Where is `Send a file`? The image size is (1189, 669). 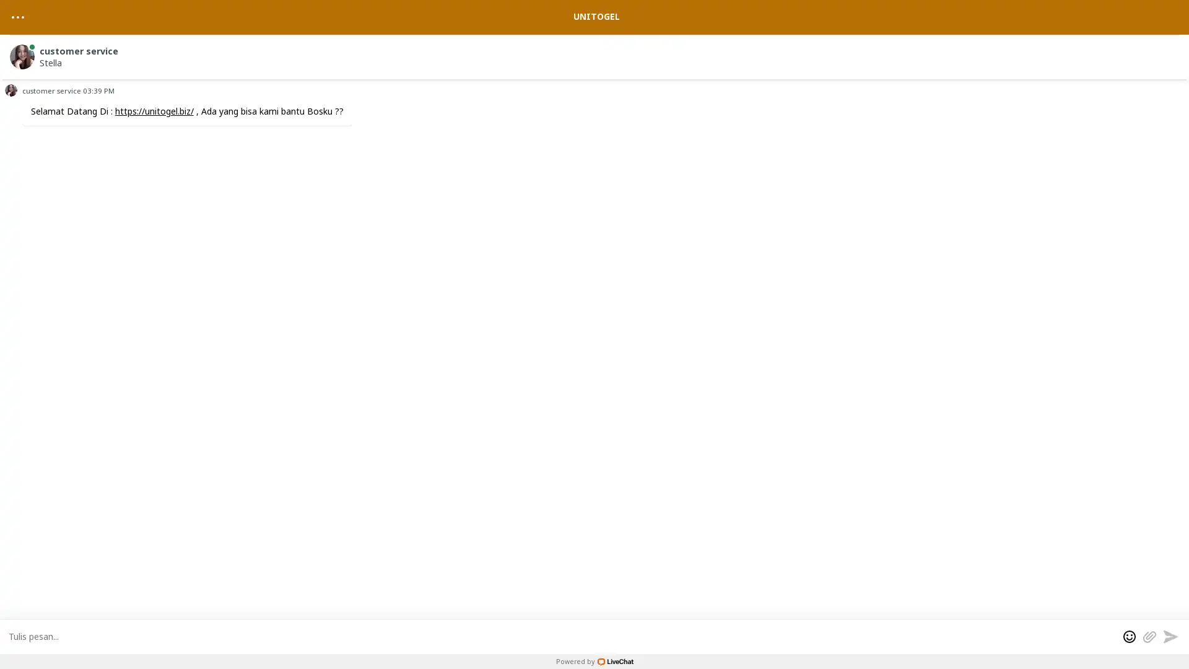 Send a file is located at coordinates (1149, 636).